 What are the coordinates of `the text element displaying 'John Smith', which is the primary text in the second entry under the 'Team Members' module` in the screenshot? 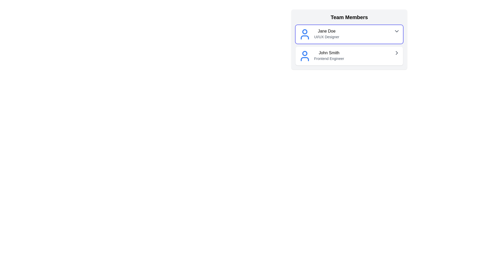 It's located at (329, 53).